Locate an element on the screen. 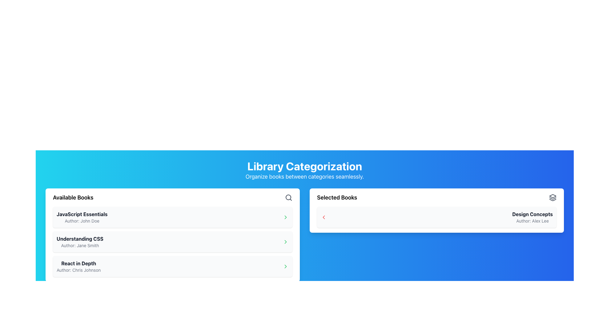  the title 'JavaScript Essentials' in the text block, which is the first listed item under 'Available Books' with a bold and dark font is located at coordinates (82, 217).